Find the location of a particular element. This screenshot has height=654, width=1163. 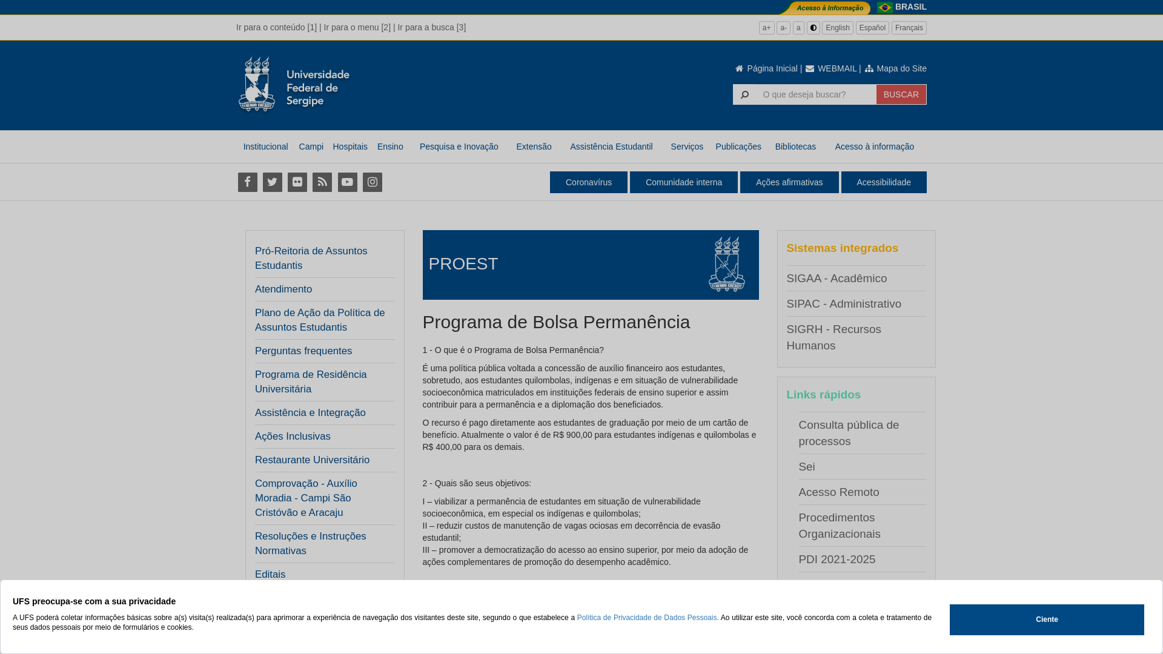

'Flickr' is located at coordinates (297, 182).